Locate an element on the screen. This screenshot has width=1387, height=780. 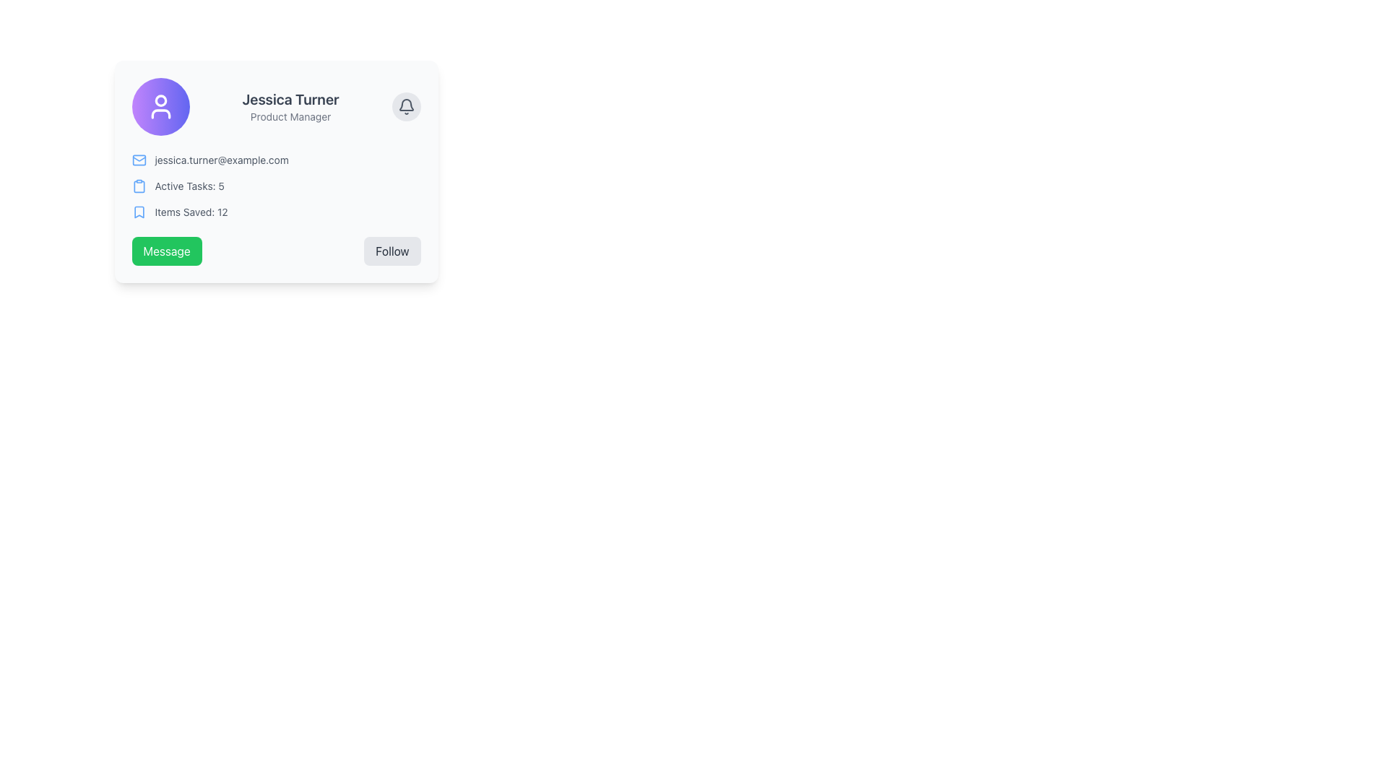
the notification bell icon located in the top-right section of the user card, which represents notification-related features is located at coordinates (405, 104).